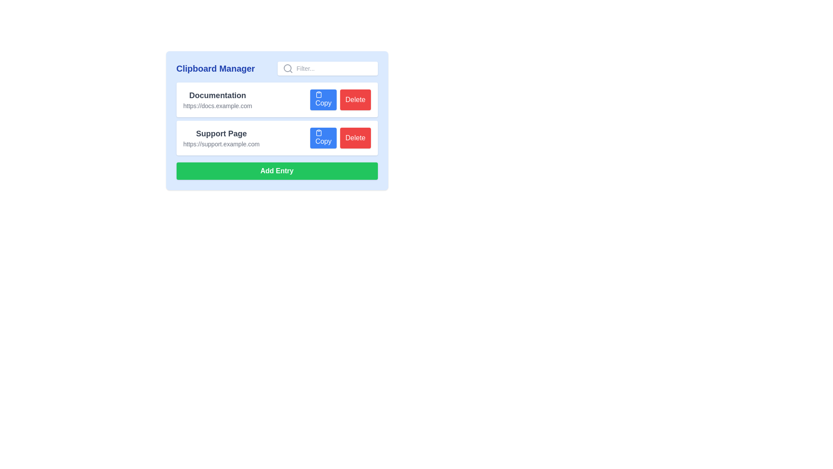 This screenshot has width=833, height=469. I want to click on the 'Add New Entry' button located at the bottom of the content card, below the 'Documentation' and 'Support Page' sections, so click(276, 171).